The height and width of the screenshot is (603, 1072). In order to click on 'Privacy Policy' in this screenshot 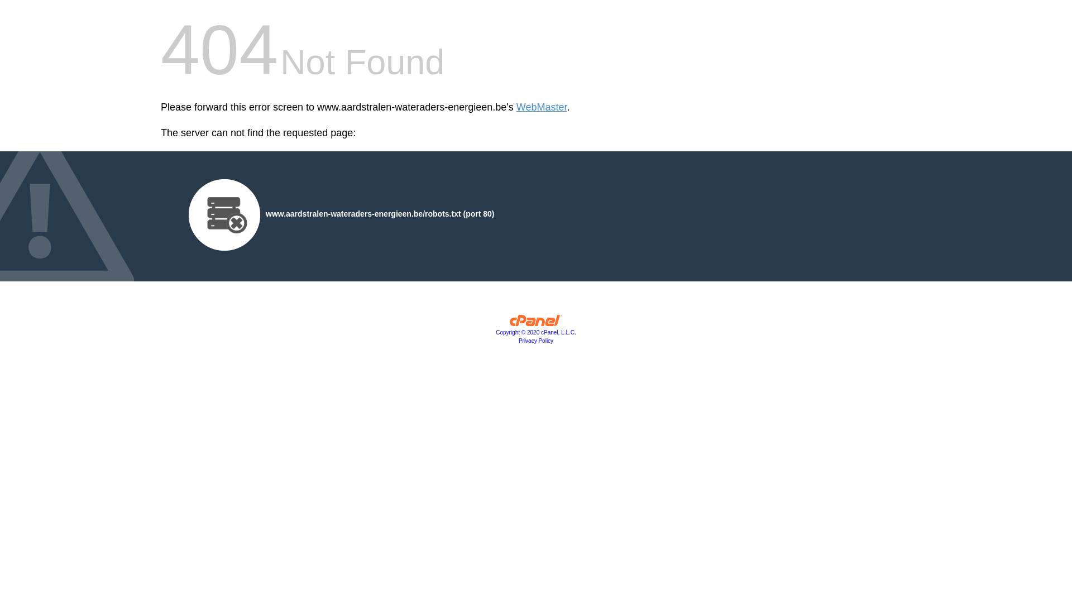, I will do `click(536, 340)`.